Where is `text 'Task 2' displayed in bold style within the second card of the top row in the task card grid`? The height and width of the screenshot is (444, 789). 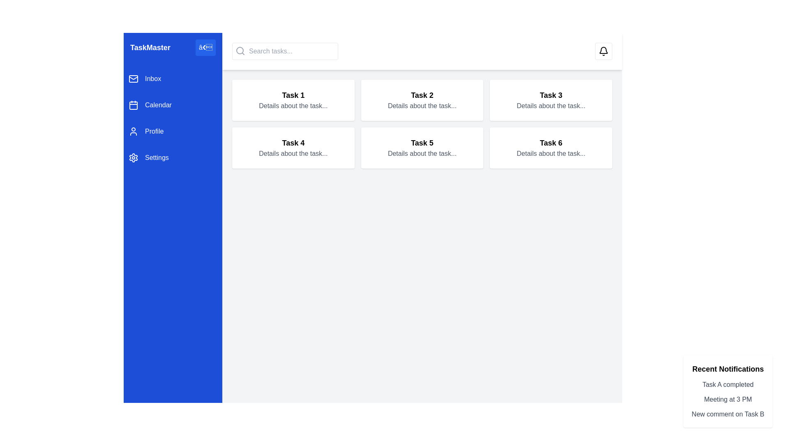
text 'Task 2' displayed in bold style within the second card of the top row in the task card grid is located at coordinates (422, 95).